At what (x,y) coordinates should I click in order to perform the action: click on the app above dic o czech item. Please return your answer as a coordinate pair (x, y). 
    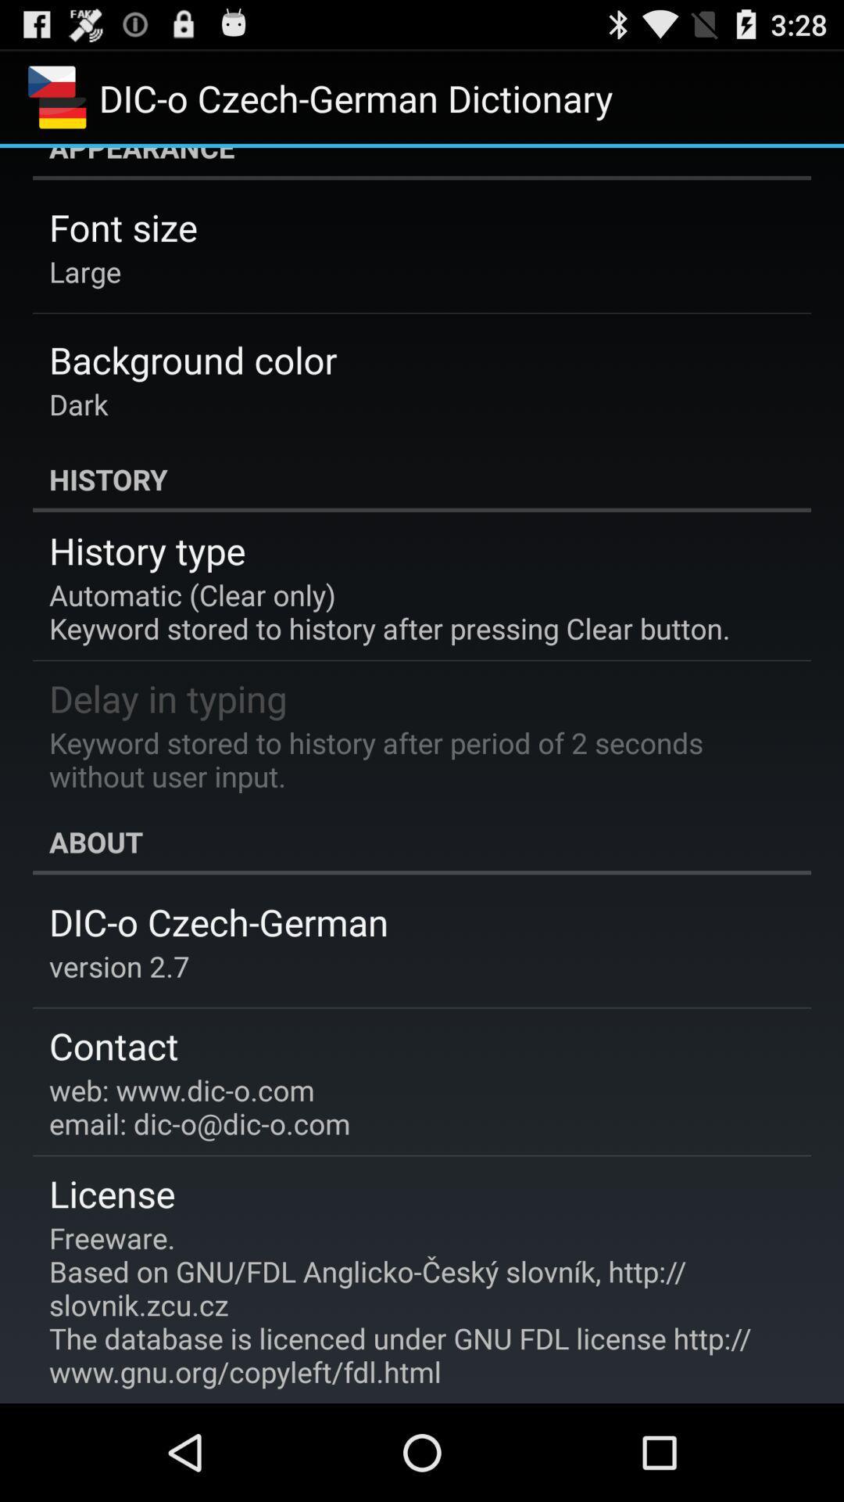
    Looking at the image, I should click on (422, 841).